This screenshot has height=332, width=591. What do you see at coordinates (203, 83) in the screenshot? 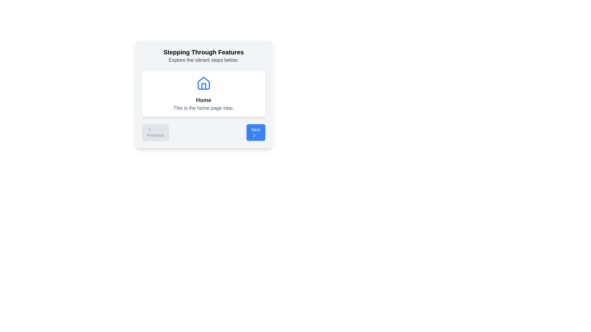
I see `the blue house icon with a roof and door structure, which is positioned above the text label 'Home'` at bounding box center [203, 83].